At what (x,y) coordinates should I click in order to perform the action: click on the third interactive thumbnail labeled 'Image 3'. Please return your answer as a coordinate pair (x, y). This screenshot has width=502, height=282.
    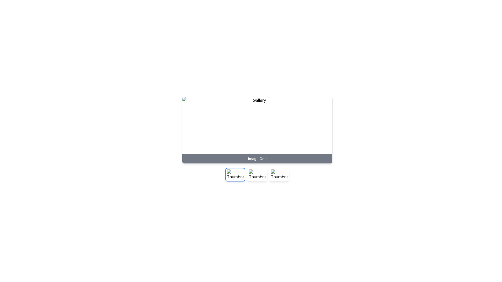
    Looking at the image, I should click on (279, 174).